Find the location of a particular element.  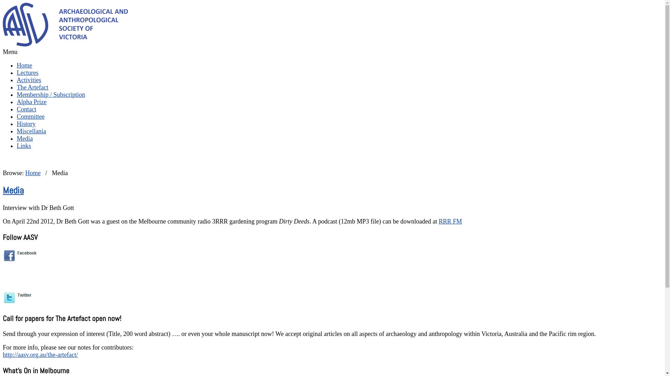

'Alpha Prize' is located at coordinates (31, 102).